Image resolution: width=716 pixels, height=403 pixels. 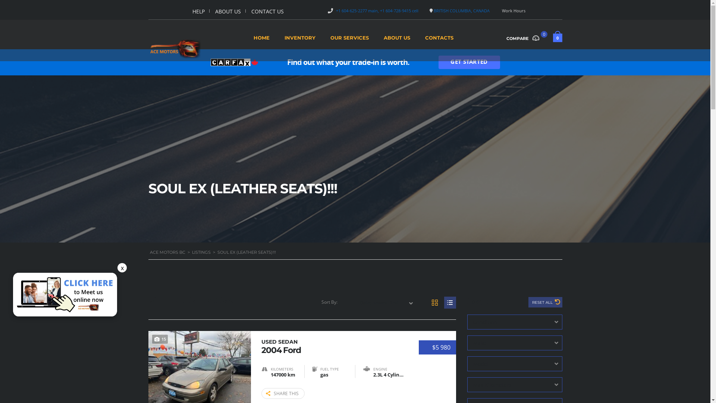 What do you see at coordinates (525, 37) in the screenshot?
I see `'COMPARE` at bounding box center [525, 37].